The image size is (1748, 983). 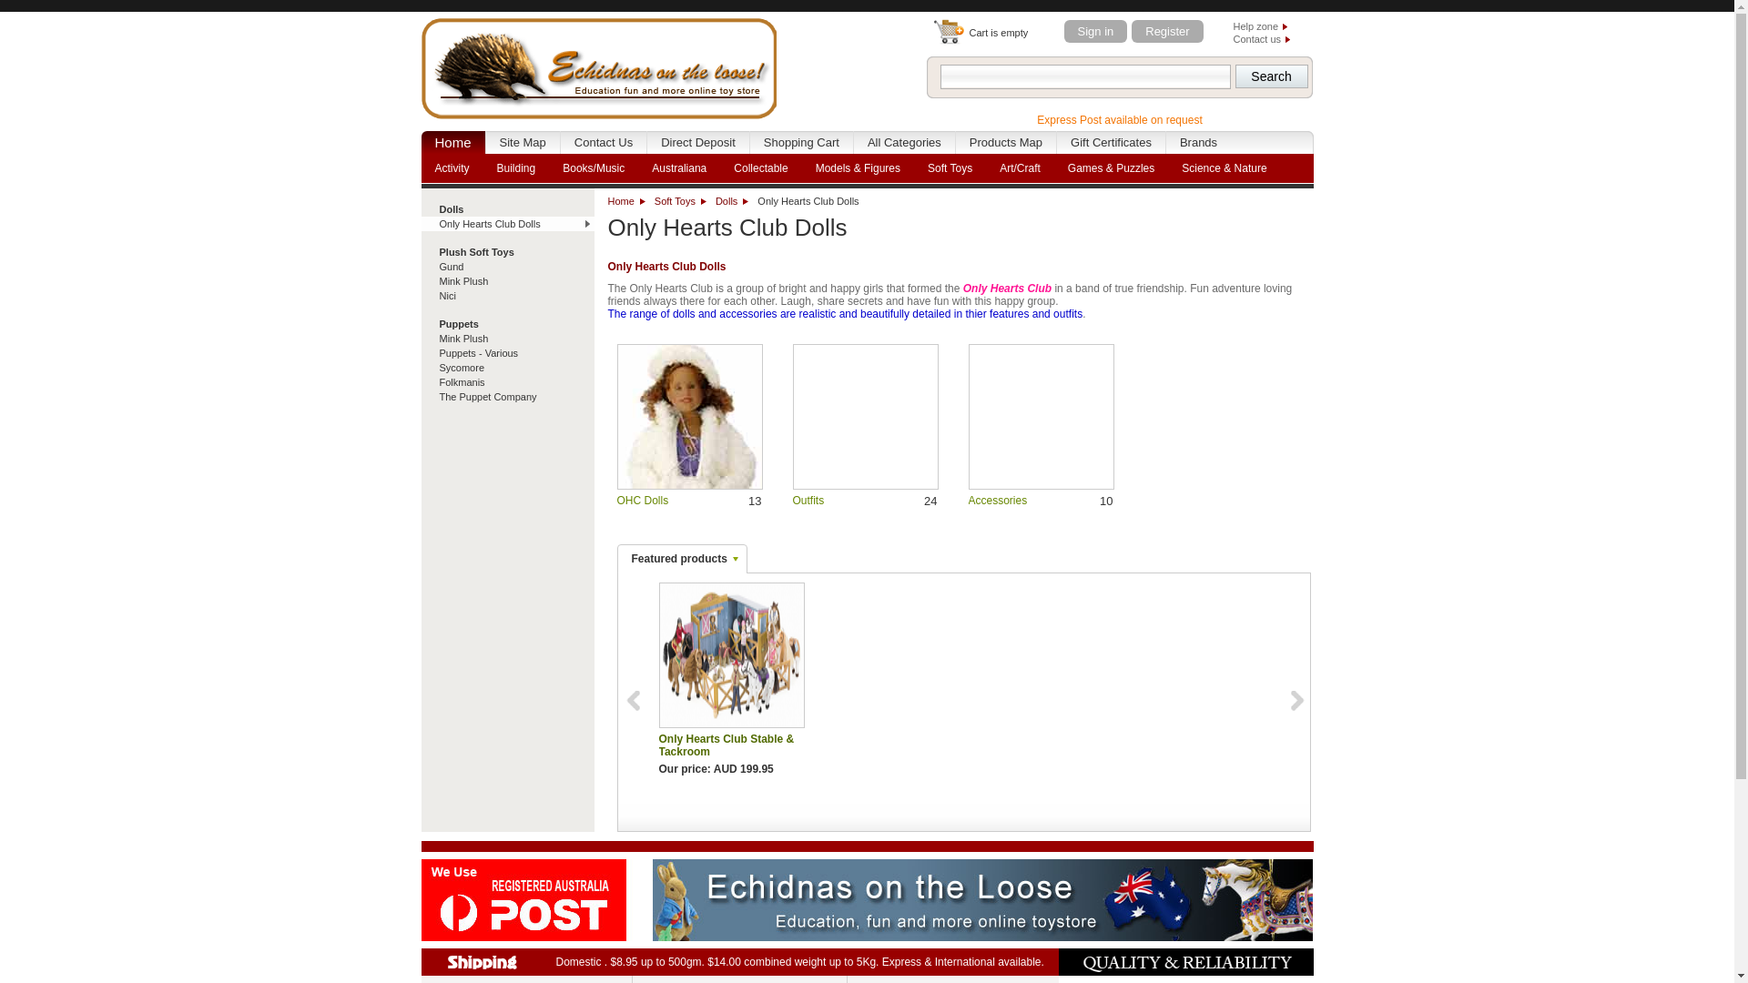 What do you see at coordinates (1004, 141) in the screenshot?
I see `'Products Map'` at bounding box center [1004, 141].